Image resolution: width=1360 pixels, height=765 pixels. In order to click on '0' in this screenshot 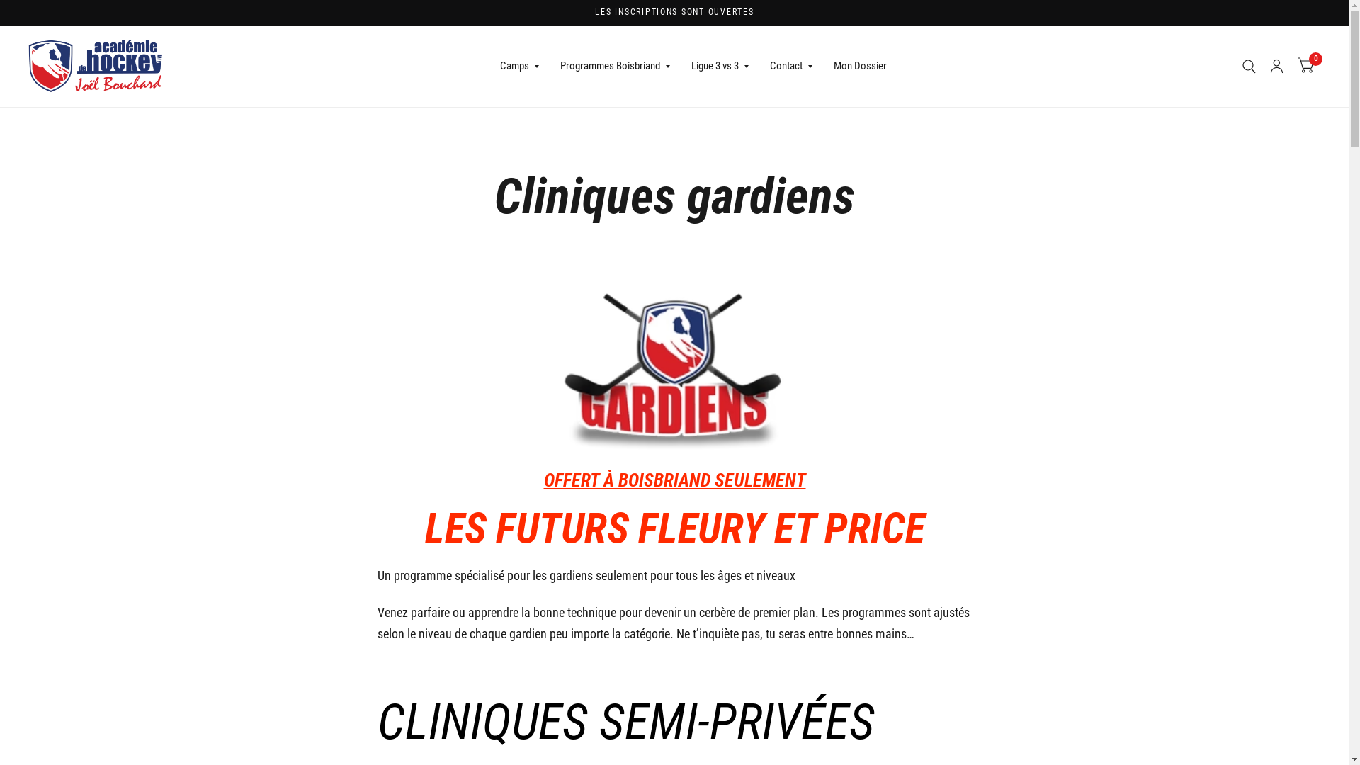, I will do `click(1291, 66)`.